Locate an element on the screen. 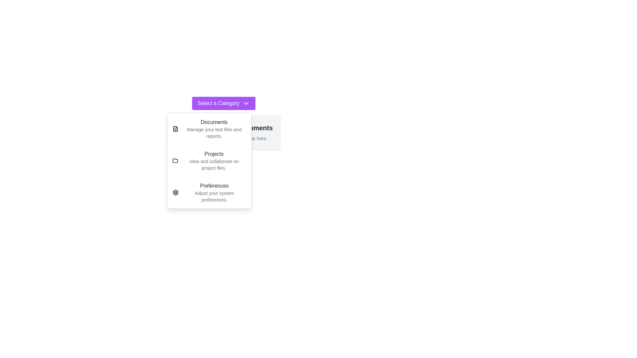  'Select a Category' button to toggle the dropdown menu is located at coordinates (223, 103).